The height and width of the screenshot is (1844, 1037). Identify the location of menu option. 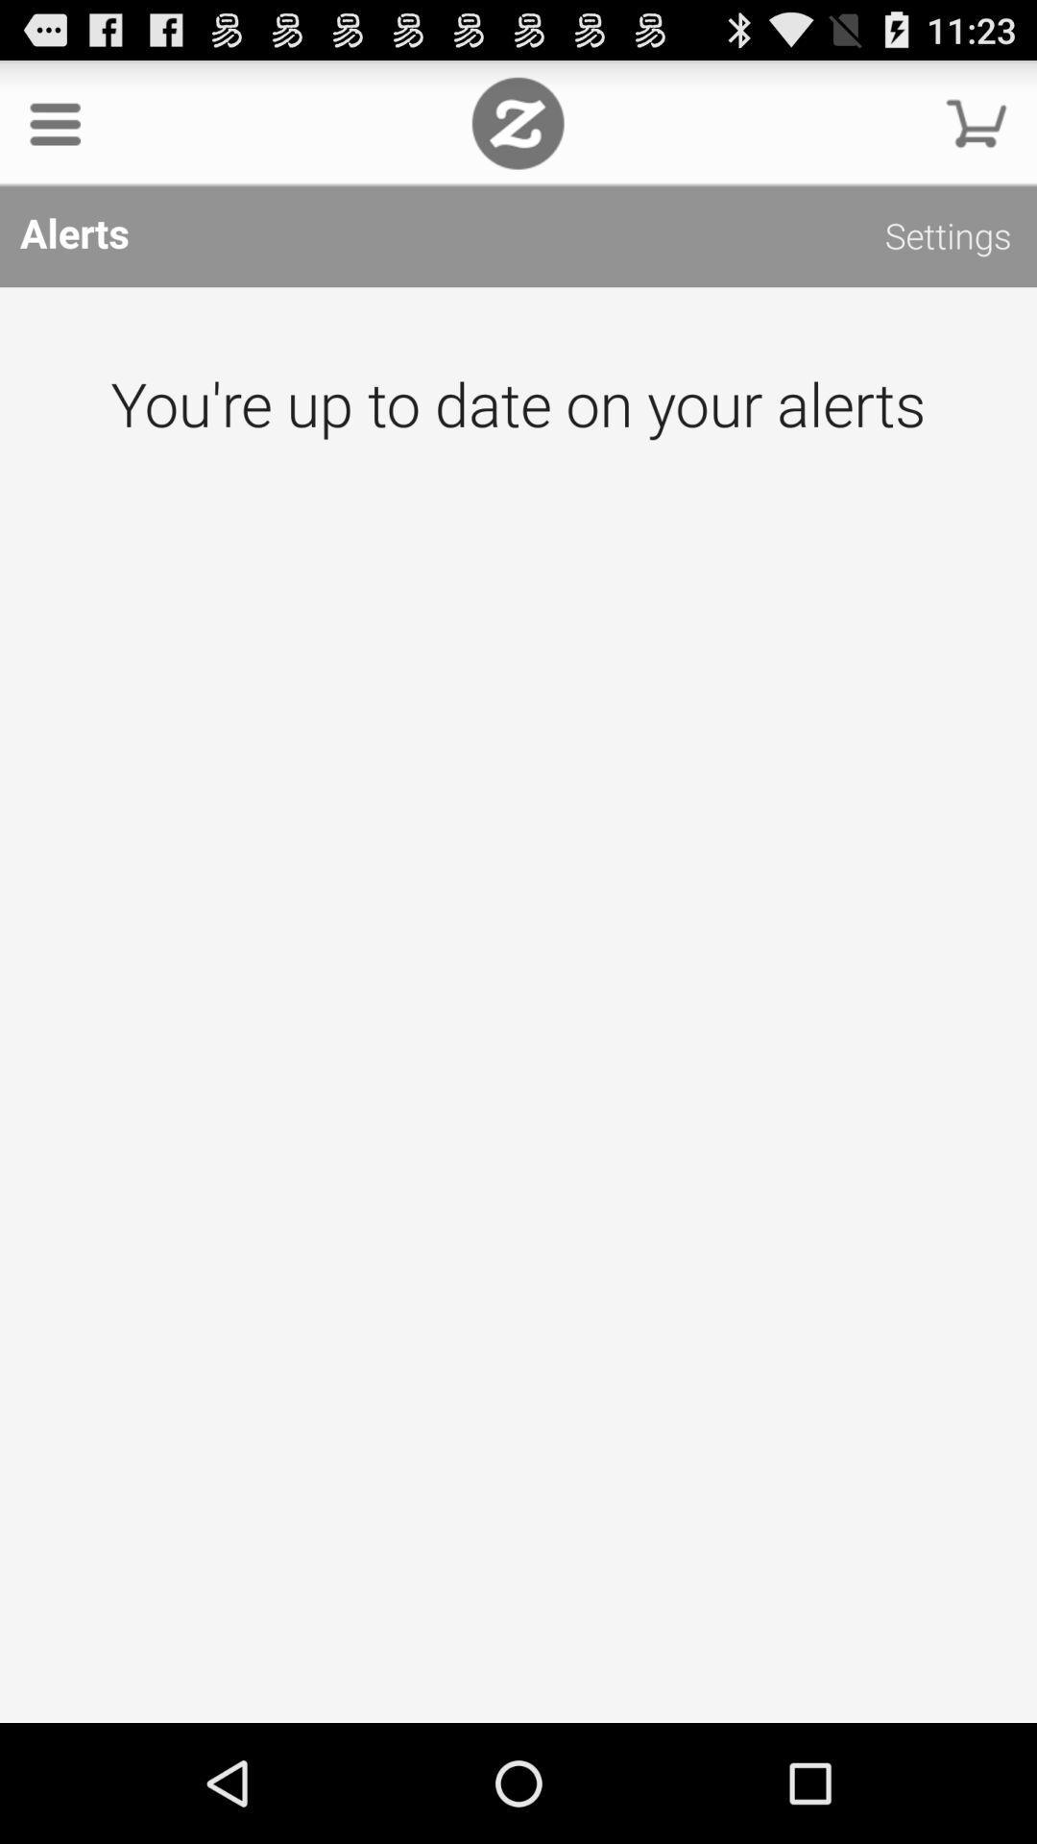
(54, 122).